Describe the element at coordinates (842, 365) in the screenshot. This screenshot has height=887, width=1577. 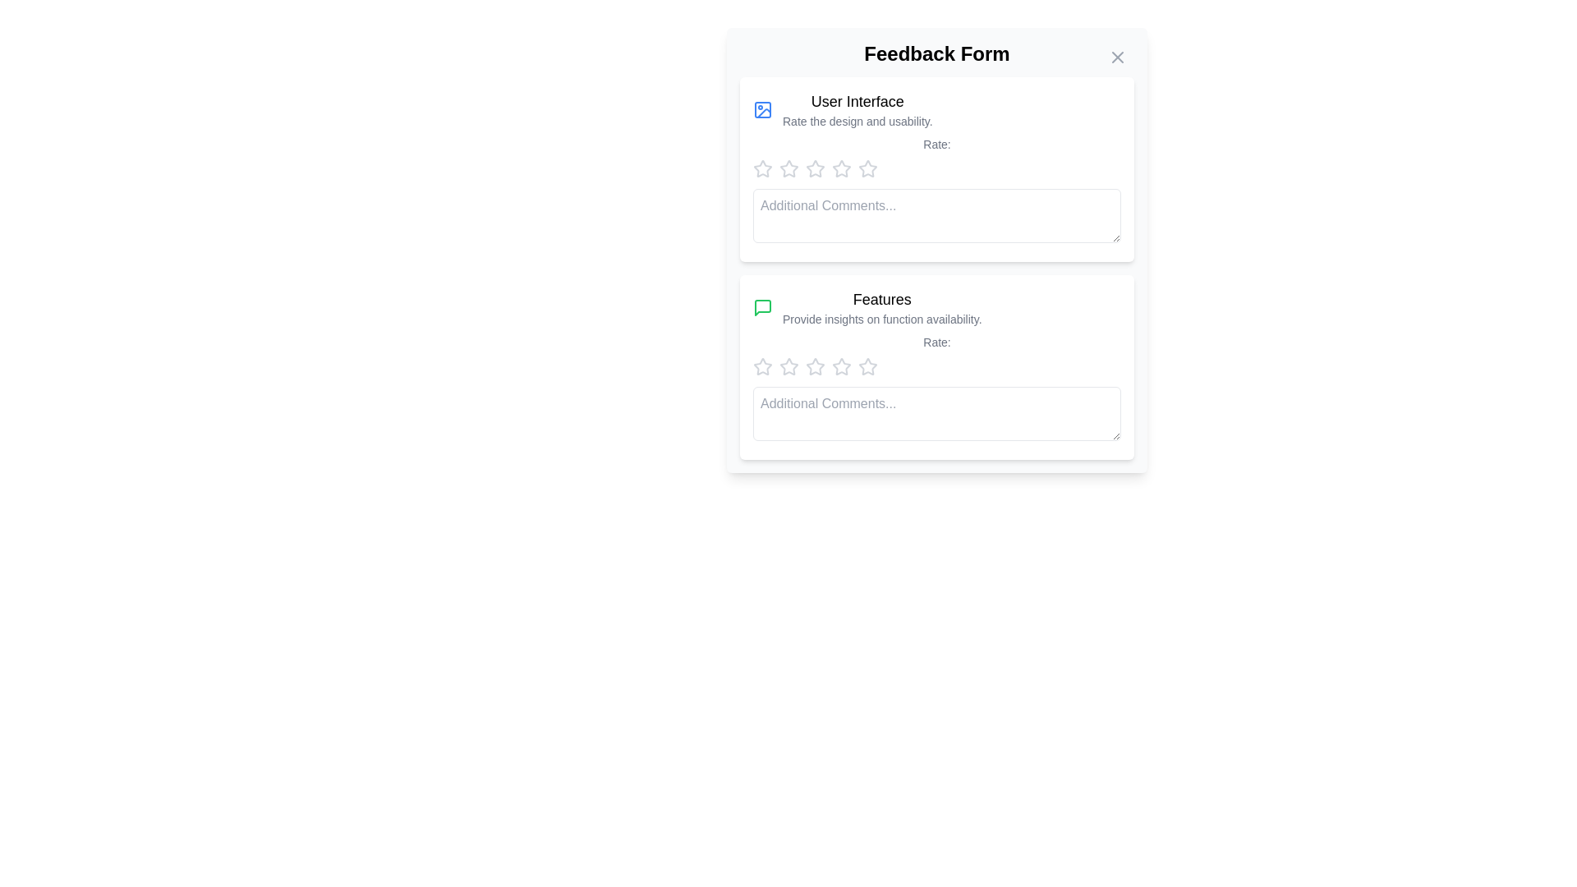
I see `the fourth star icon` at that location.